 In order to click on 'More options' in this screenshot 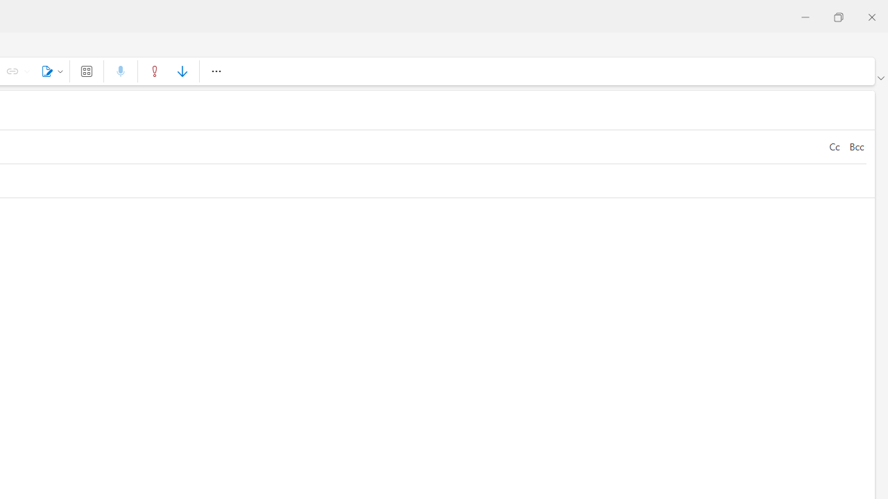, I will do `click(215, 71)`.